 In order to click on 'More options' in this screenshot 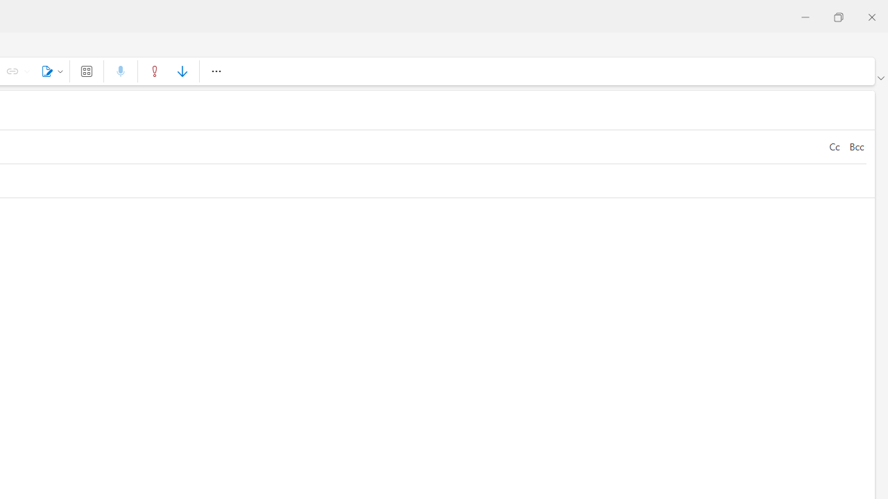, I will do `click(215, 71)`.